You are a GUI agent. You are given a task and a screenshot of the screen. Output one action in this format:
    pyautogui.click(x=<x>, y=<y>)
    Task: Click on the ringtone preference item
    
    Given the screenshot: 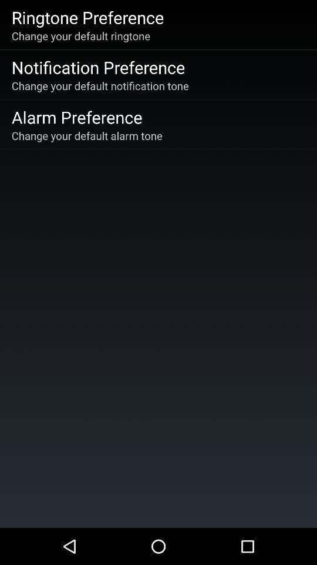 What is the action you would take?
    pyautogui.click(x=87, y=16)
    